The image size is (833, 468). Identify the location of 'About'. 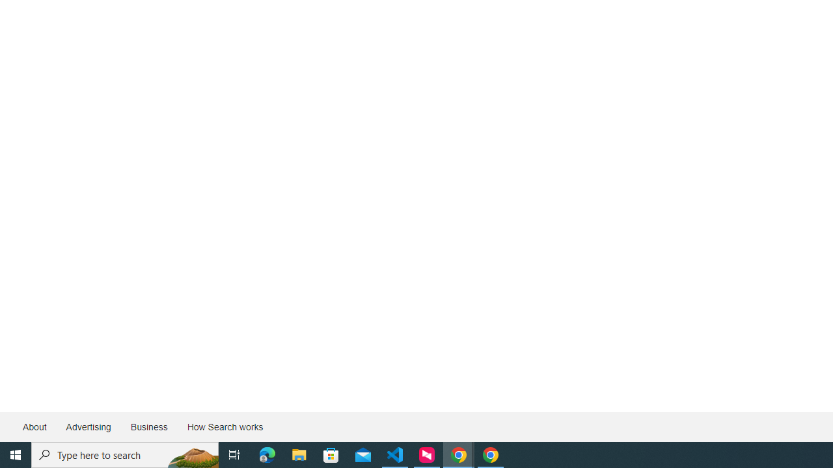
(34, 427).